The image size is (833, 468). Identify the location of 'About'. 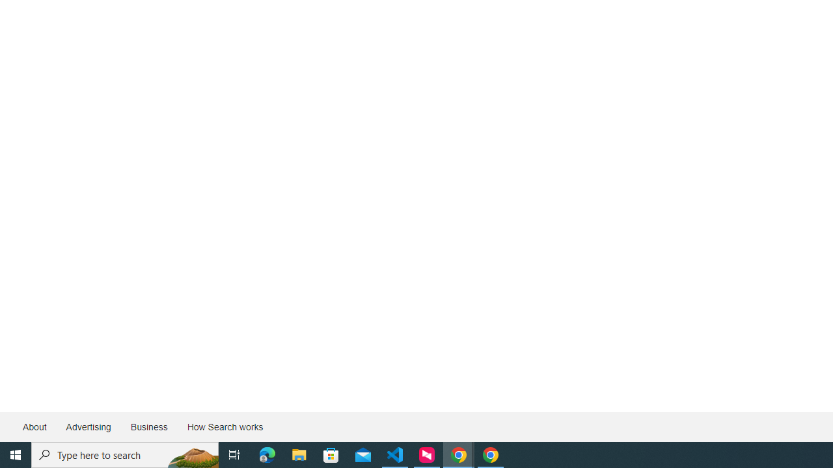
(34, 427).